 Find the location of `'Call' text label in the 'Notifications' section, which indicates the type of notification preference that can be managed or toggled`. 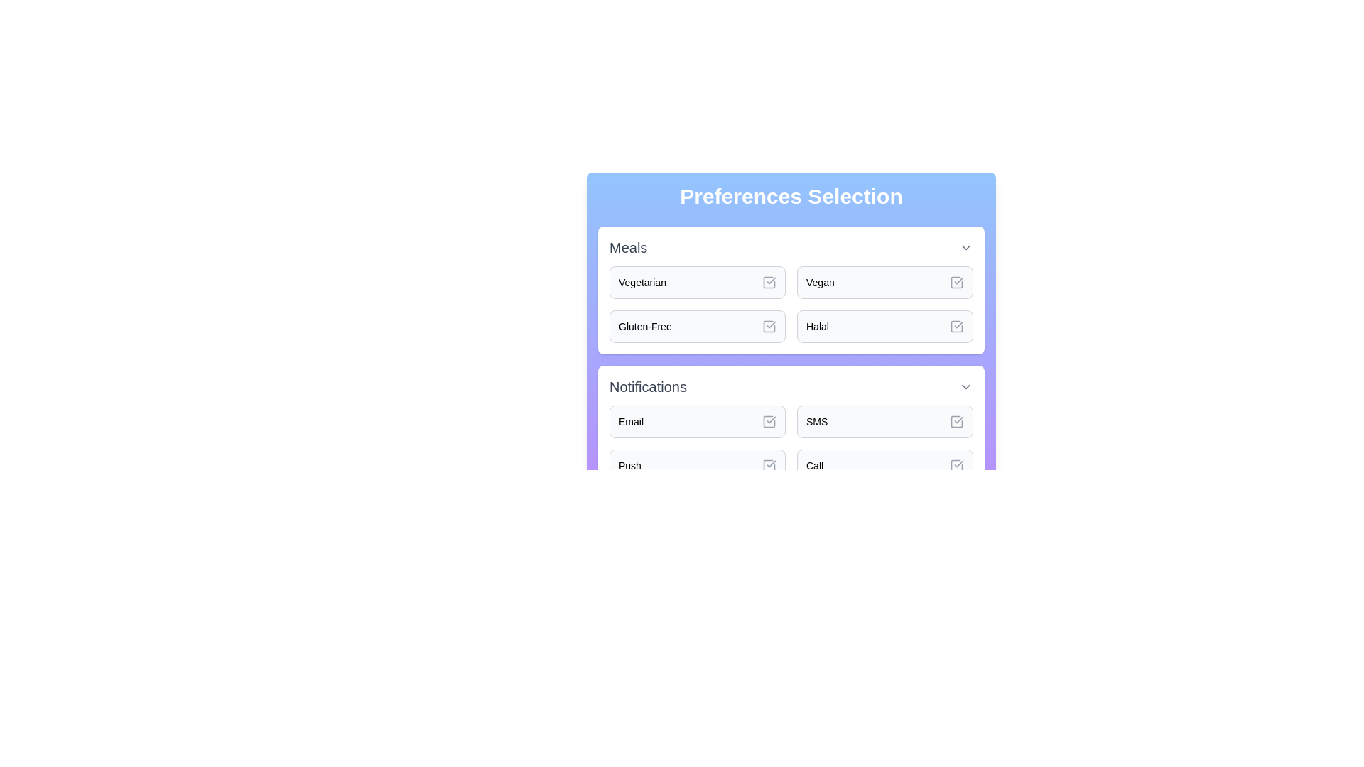

'Call' text label in the 'Notifications' section, which indicates the type of notification preference that can be managed or toggled is located at coordinates (815, 465).